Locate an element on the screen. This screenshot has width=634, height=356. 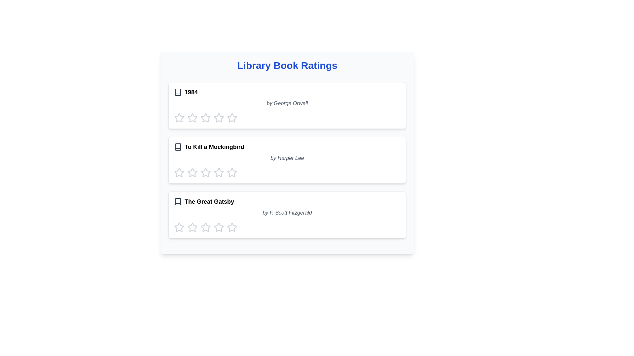
the third star icon in the rating component associated with the book '1984' by George Orwell is located at coordinates (219, 117).